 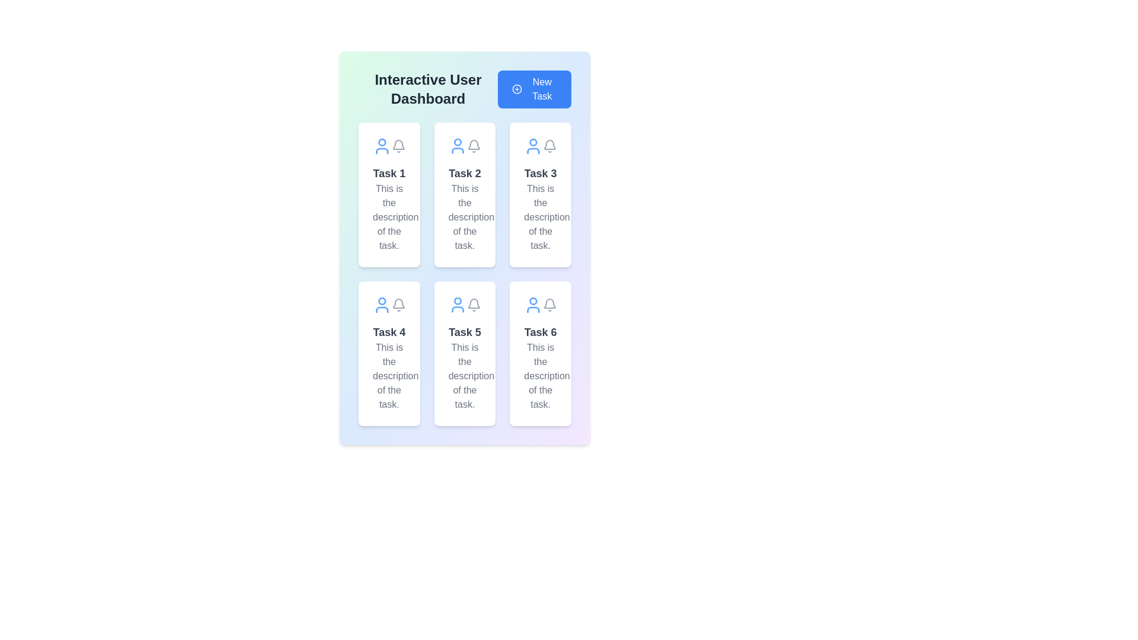 What do you see at coordinates (533, 300) in the screenshot?
I see `the graphical SVG circle element within the user profile icon located in the last card (Task 6) of the second row in a 3x2 card grid` at bounding box center [533, 300].